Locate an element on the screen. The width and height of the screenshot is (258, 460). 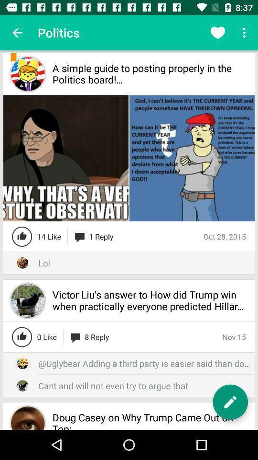
option is located at coordinates (230, 402).